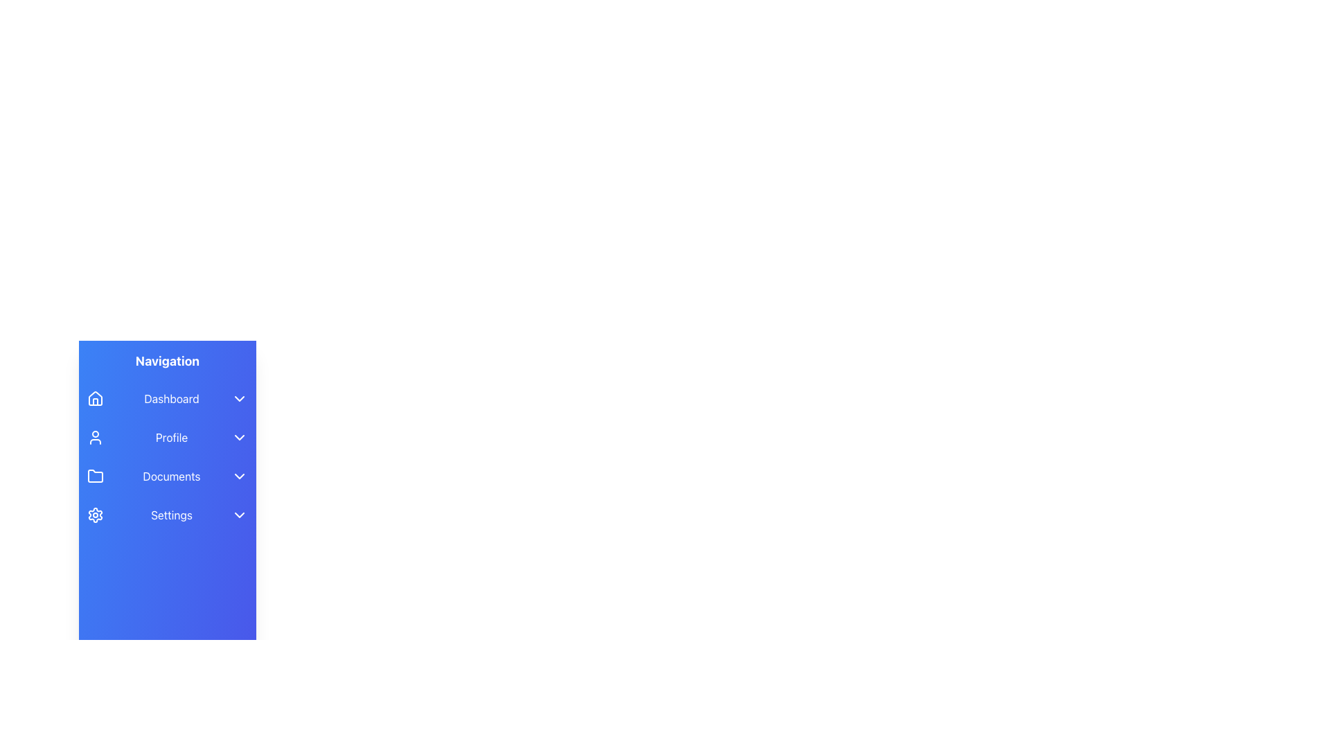  I want to click on the cogwheel icon located in the vertical navigation menu to the left of the 'Settings' text label, which represents settings or options, so click(95, 515).